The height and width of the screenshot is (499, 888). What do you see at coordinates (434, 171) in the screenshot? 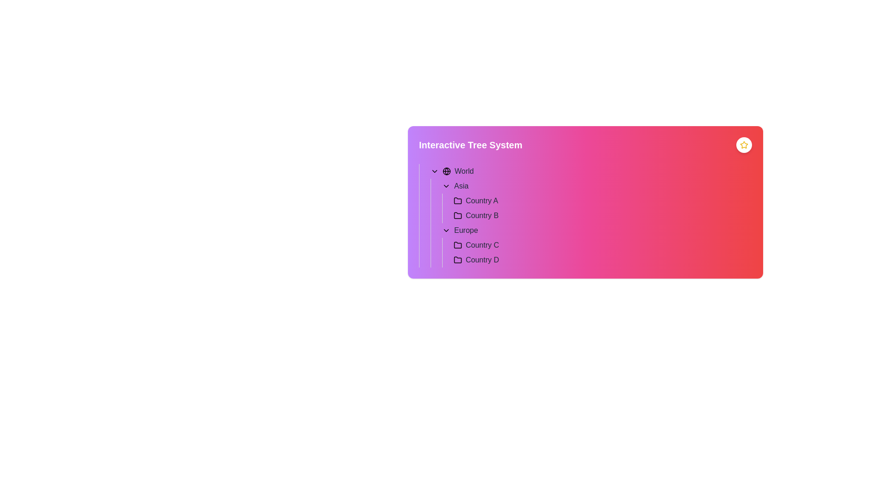
I see `the Chevron Icon (SVG Element)` at bounding box center [434, 171].